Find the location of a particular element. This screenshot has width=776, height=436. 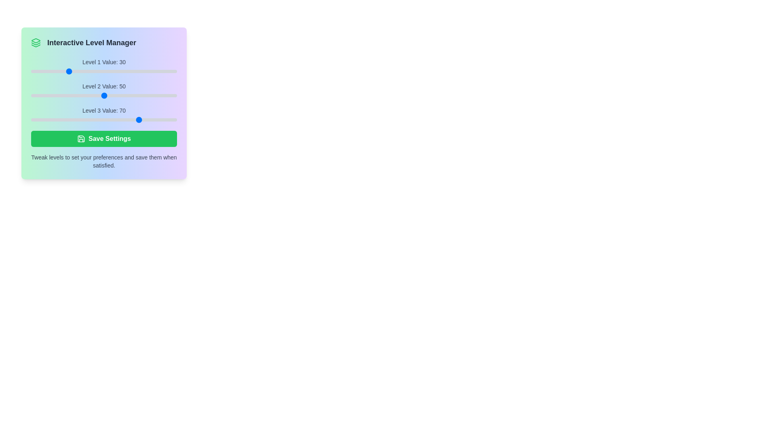

the third Range slider is located at coordinates (103, 120).